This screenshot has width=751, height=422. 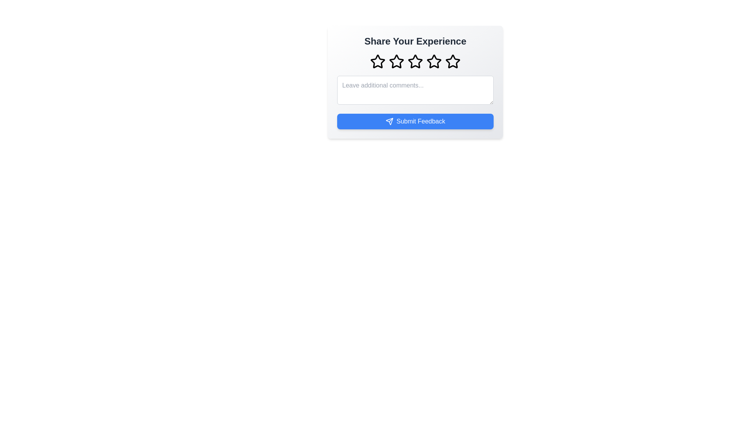 What do you see at coordinates (415, 61) in the screenshot?
I see `the third star icon in the five-star rating system` at bounding box center [415, 61].